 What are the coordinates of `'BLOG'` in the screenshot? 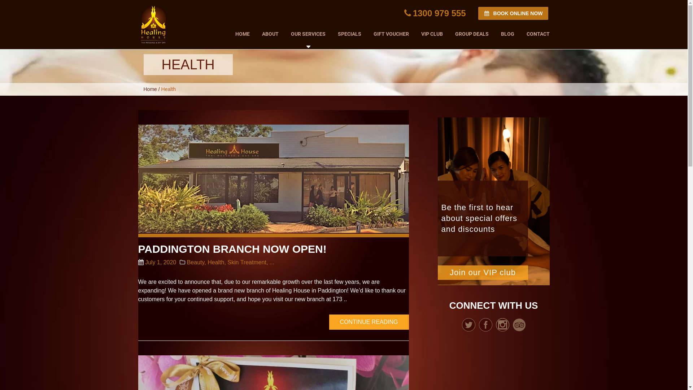 It's located at (507, 32).